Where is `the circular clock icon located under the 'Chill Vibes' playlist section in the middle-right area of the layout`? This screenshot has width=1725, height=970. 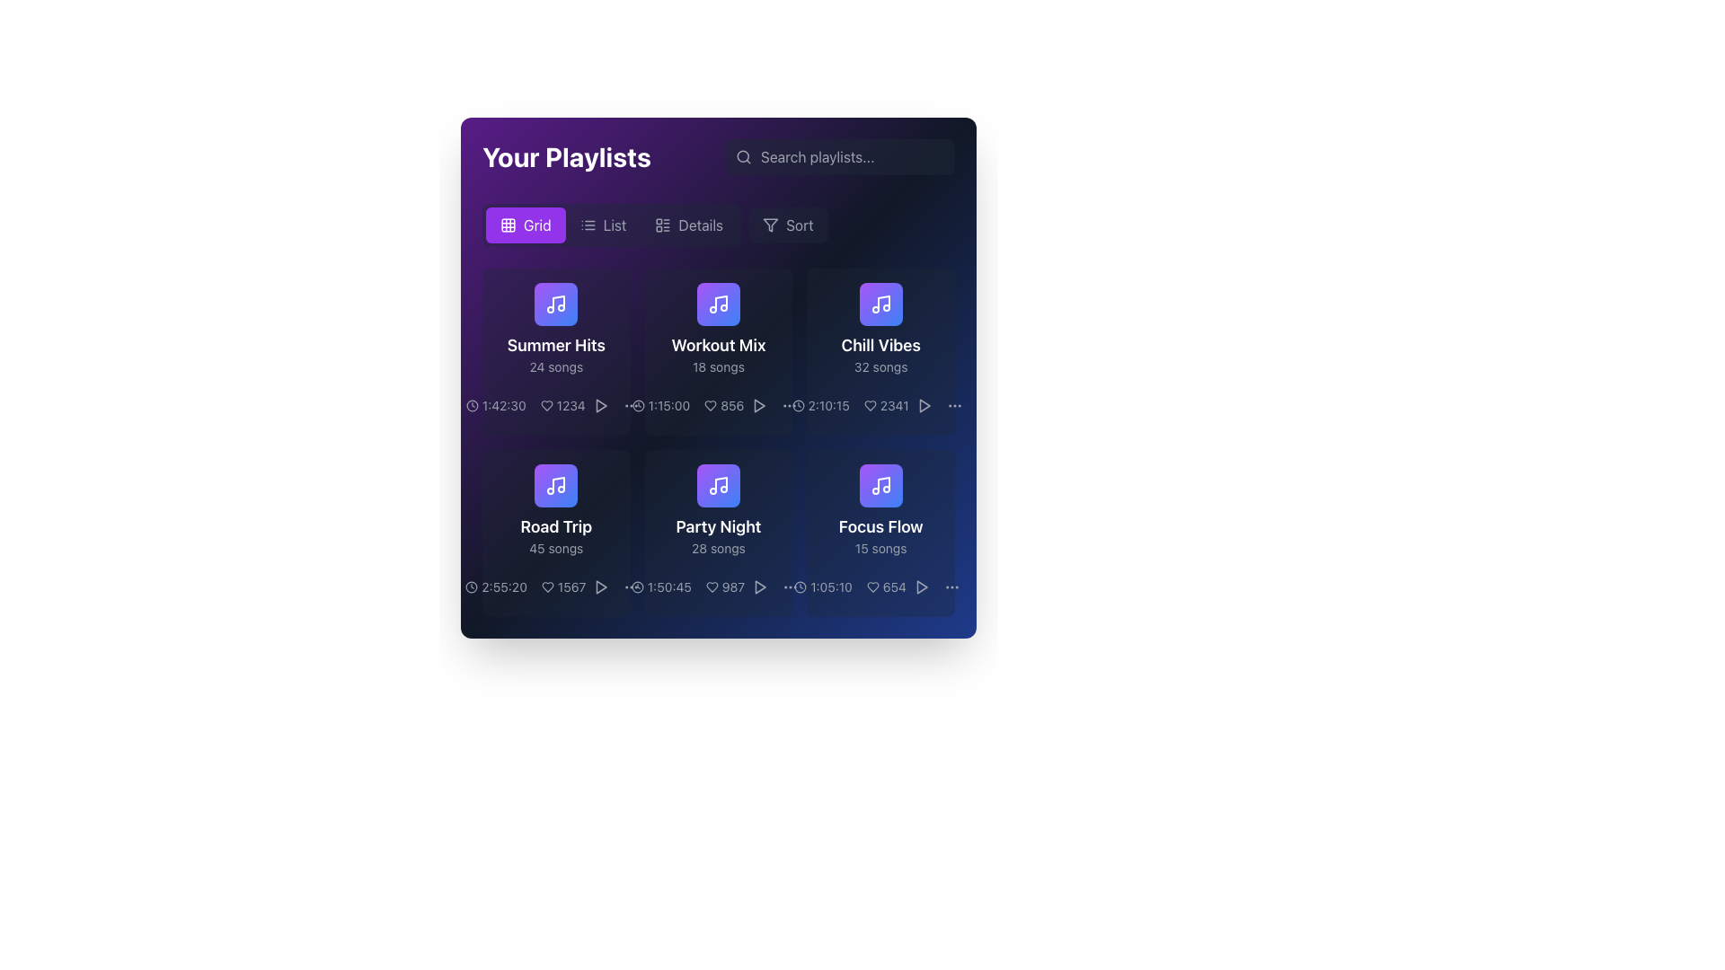 the circular clock icon located under the 'Chill Vibes' playlist section in the middle-right area of the layout is located at coordinates (797, 405).